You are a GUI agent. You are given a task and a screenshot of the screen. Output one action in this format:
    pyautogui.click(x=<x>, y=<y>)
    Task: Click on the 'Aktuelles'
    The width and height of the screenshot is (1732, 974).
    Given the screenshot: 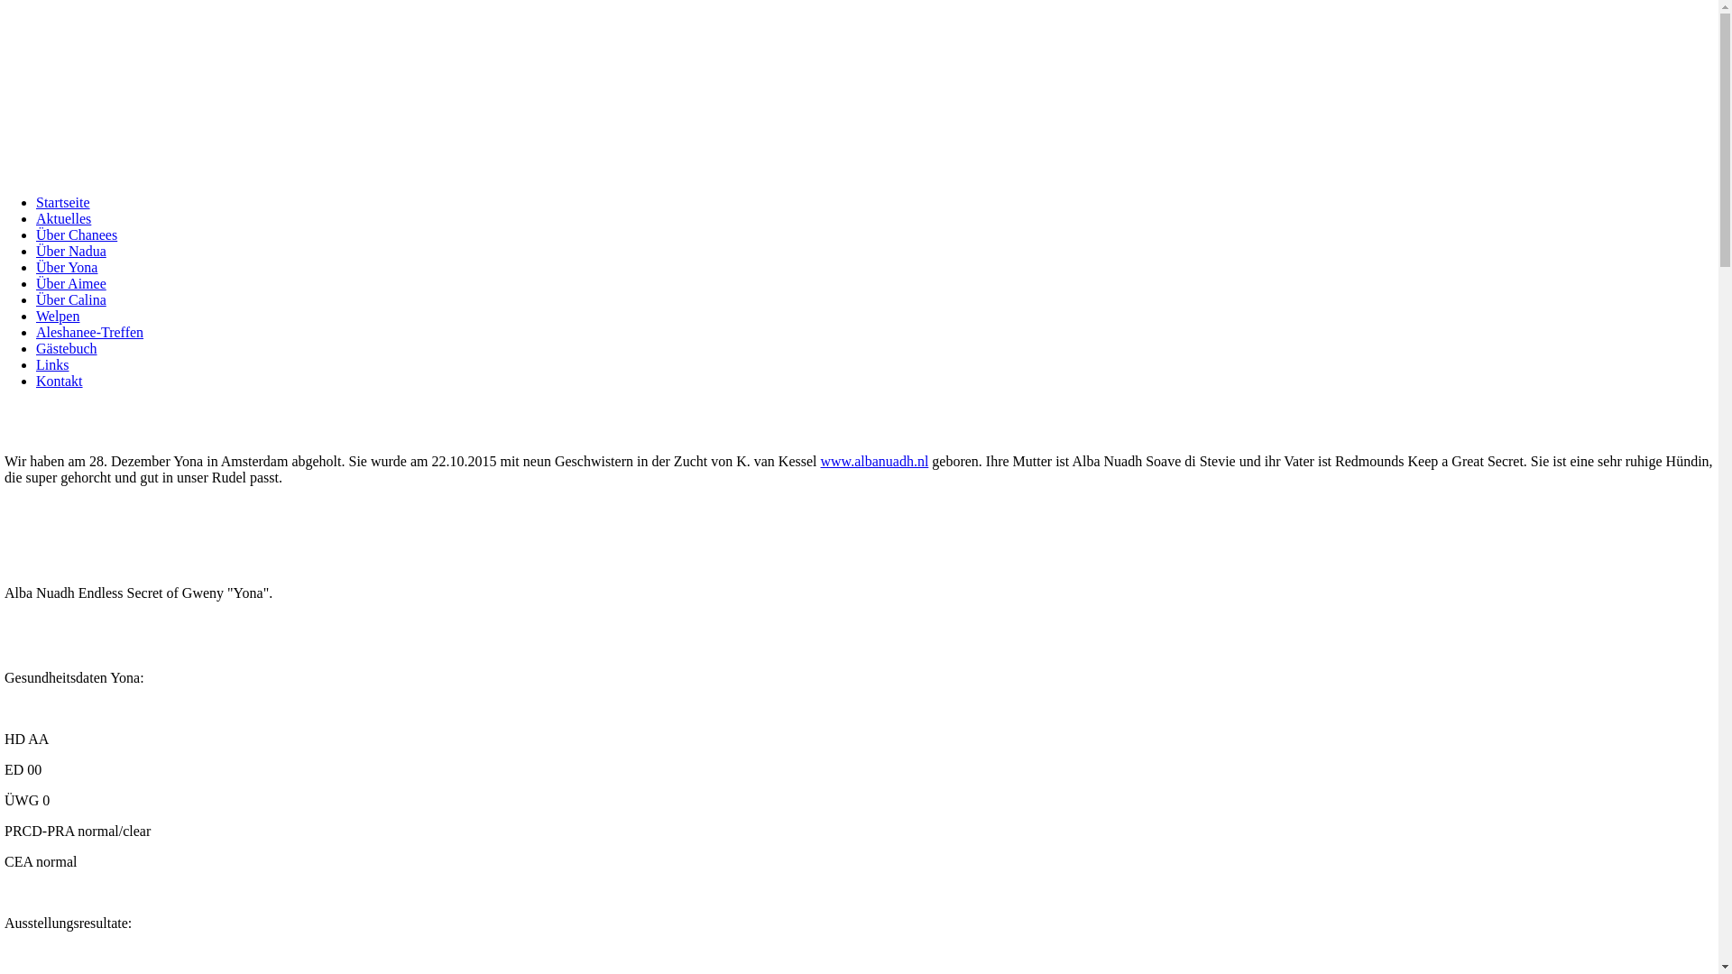 What is the action you would take?
    pyautogui.click(x=35, y=217)
    